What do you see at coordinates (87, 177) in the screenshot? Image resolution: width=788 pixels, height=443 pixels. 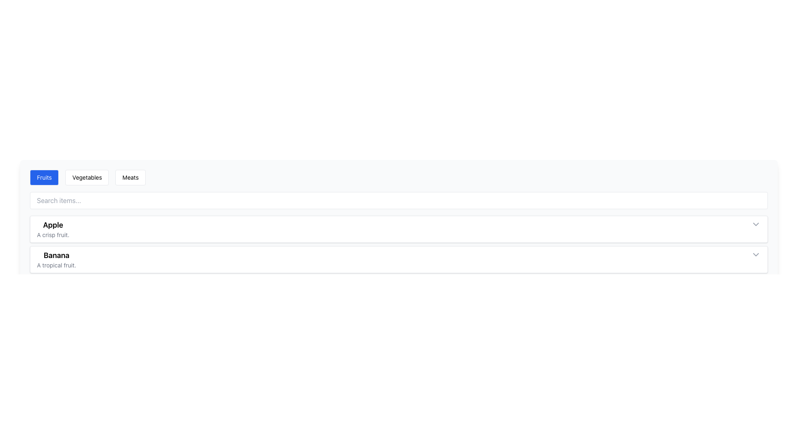 I see `the 'Vegetables' button, which is a rectangular button with a white background, located in the upper segment of the interface, between the 'Fruits' and 'Meats' buttons` at bounding box center [87, 177].